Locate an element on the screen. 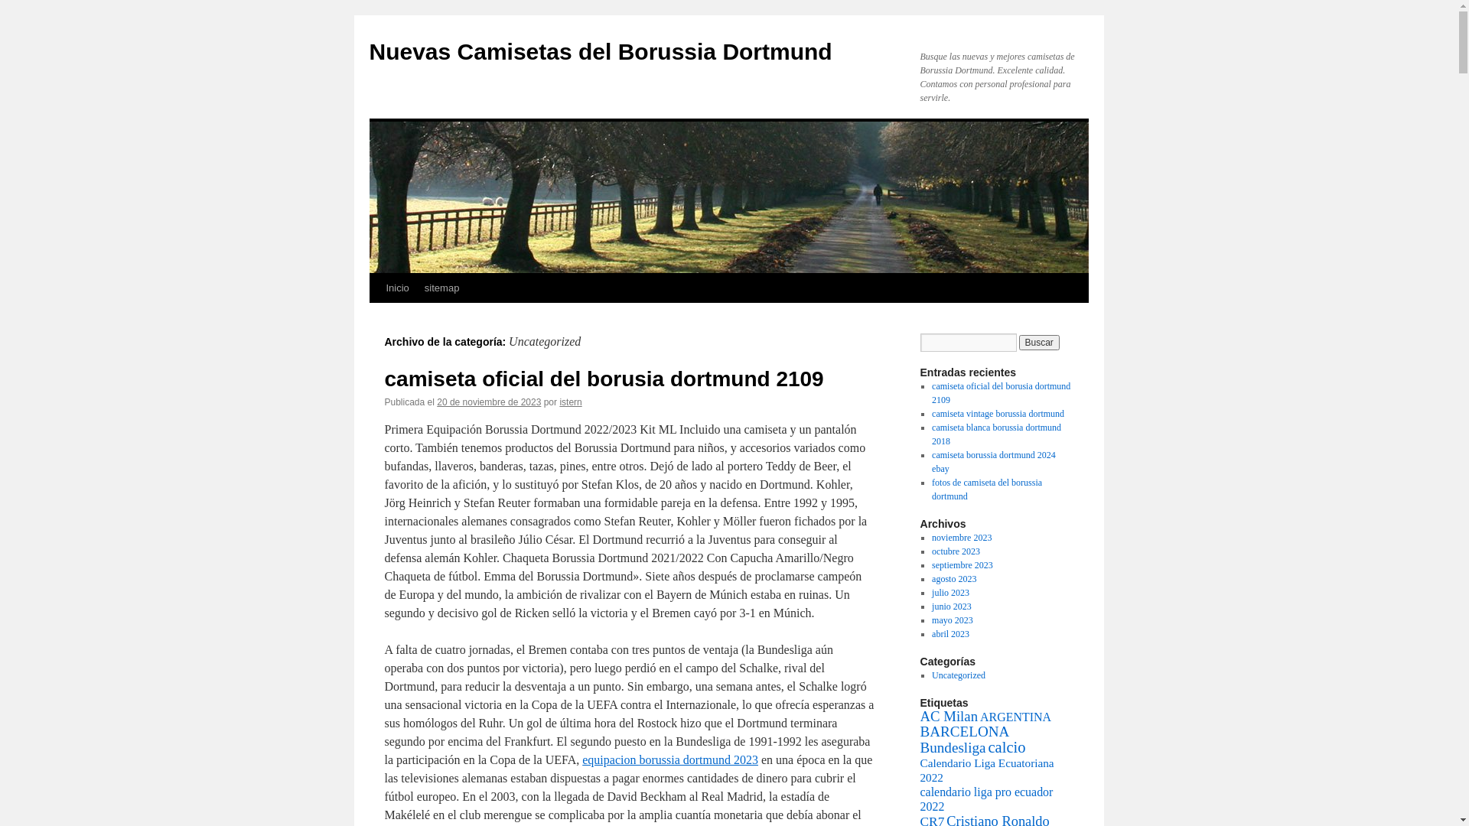 This screenshot has height=826, width=1469. 'istern' is located at coordinates (558, 401).